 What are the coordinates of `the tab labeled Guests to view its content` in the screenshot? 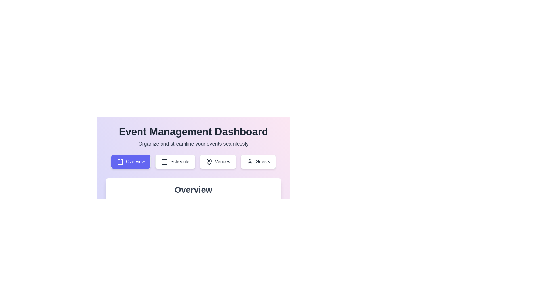 It's located at (258, 162).